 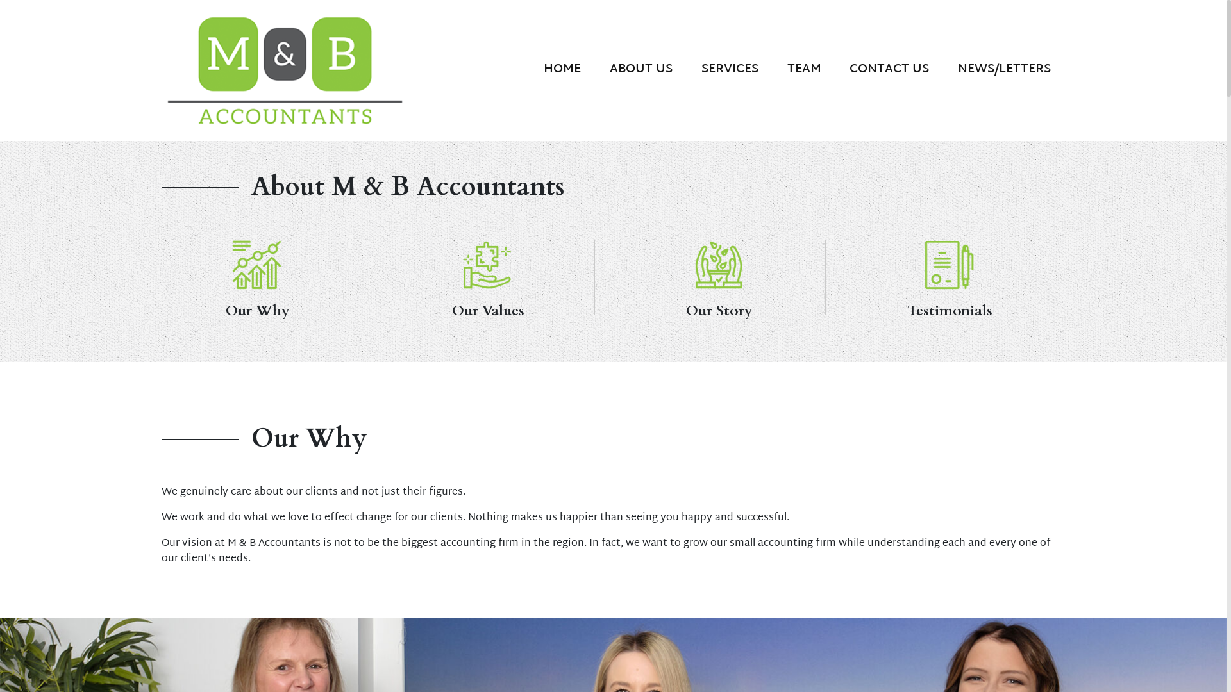 What do you see at coordinates (562, 69) in the screenshot?
I see `'HOME'` at bounding box center [562, 69].